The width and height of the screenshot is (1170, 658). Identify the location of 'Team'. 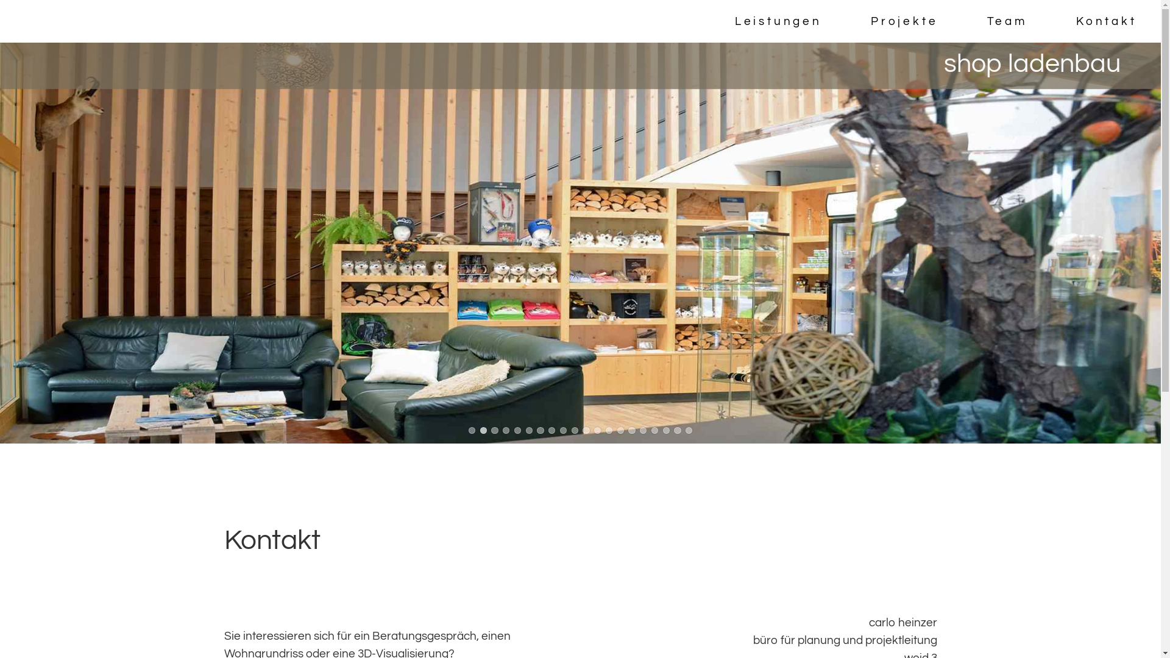
(1006, 21).